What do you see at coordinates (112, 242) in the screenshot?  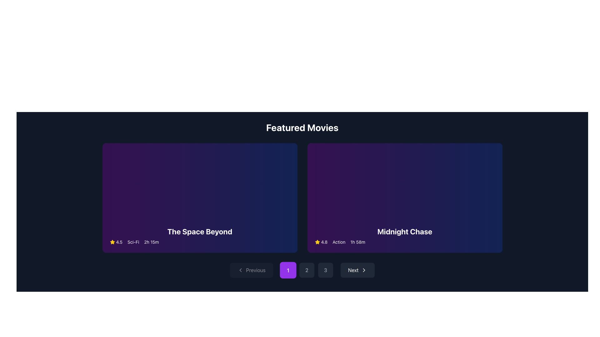 I see `the leftmost star icon in the horizontal rating display to interact with it` at bounding box center [112, 242].